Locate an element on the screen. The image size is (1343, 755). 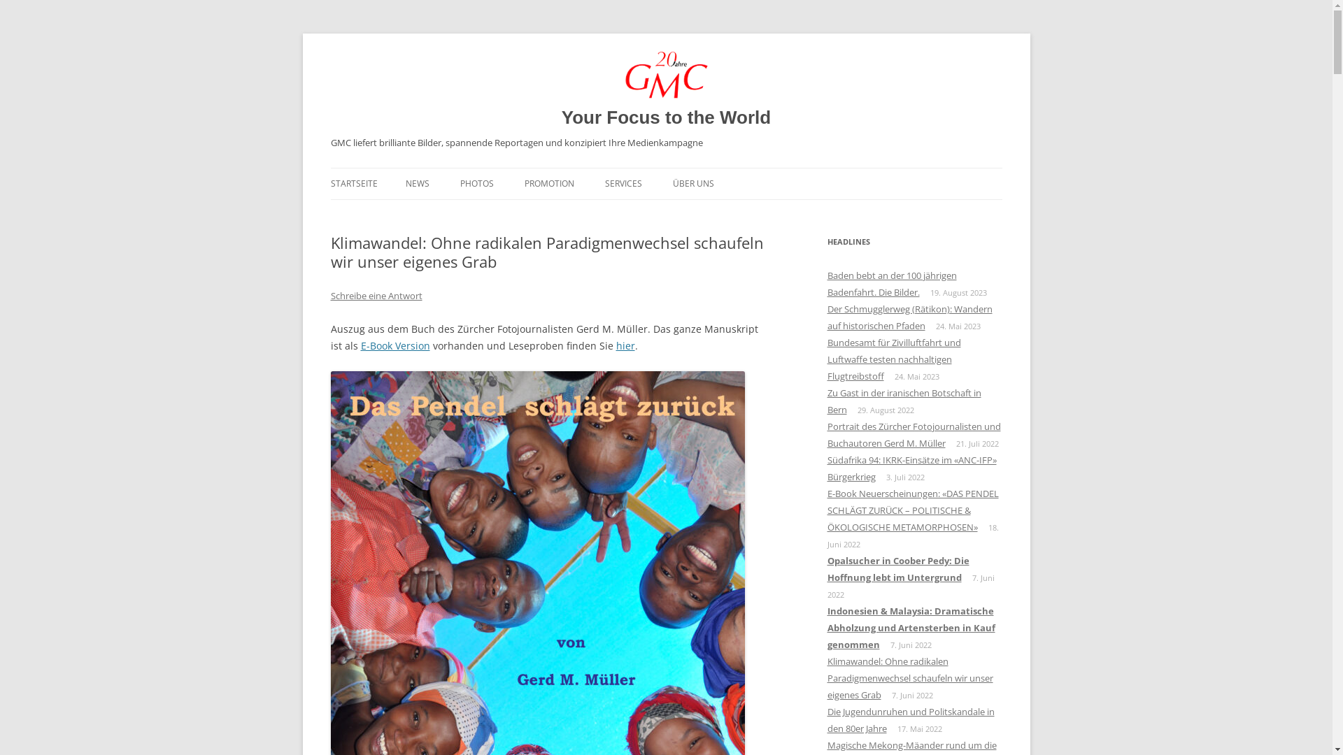
'Opalsucher in Coober Pedy: Die Hoffnung lebt im Untergrund' is located at coordinates (897, 568).